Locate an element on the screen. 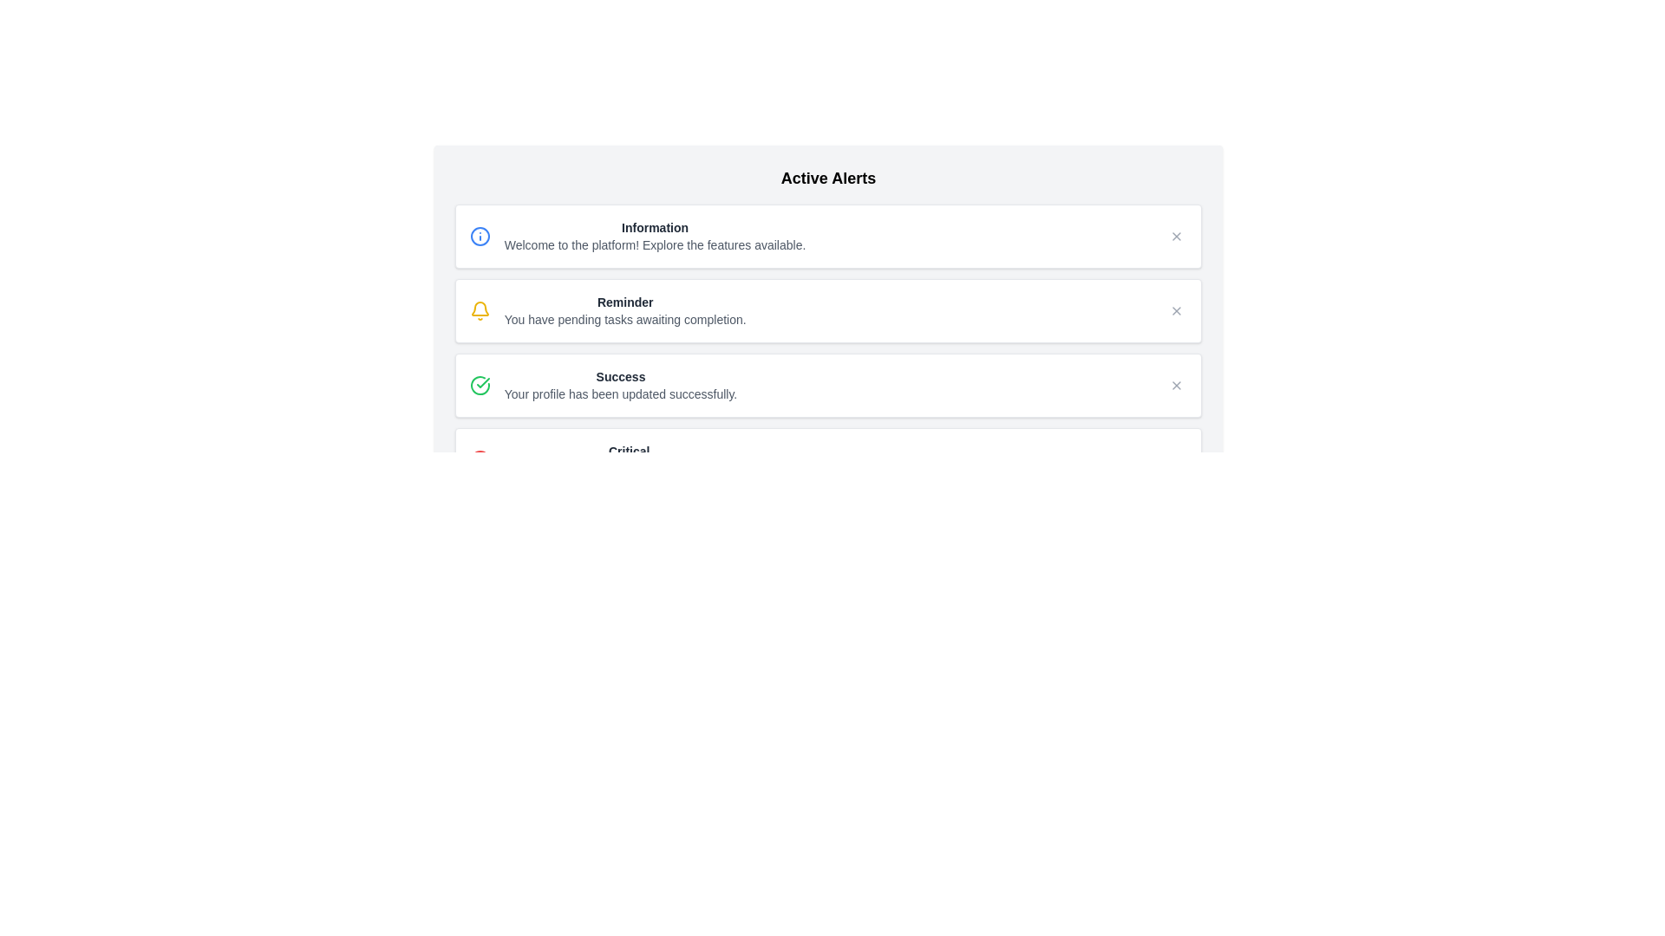  the right-aligned dismiss button in the 'Reminder' alert box to change its color is located at coordinates (1177, 309).